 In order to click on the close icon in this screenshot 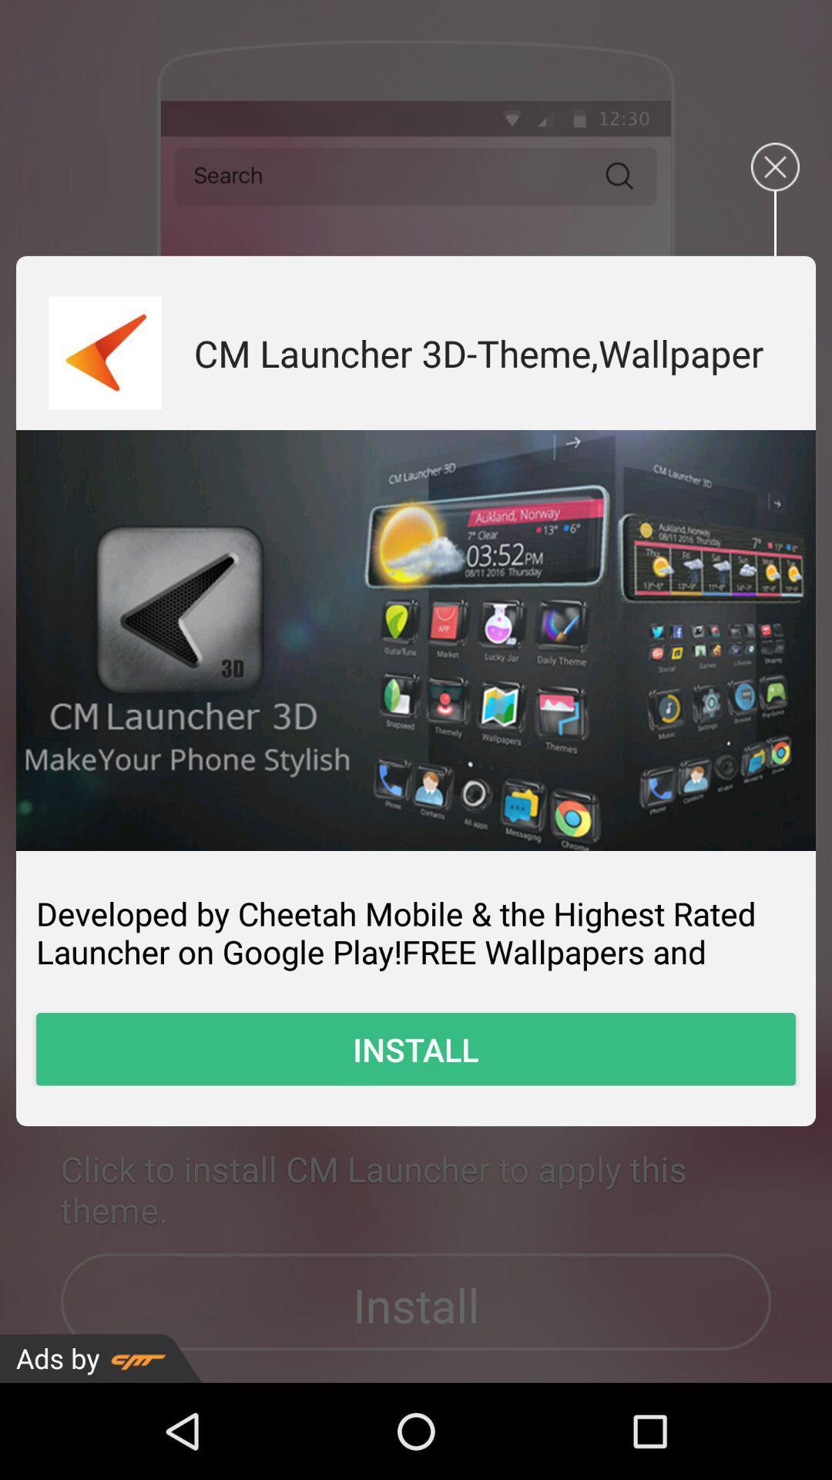, I will do `click(775, 178)`.